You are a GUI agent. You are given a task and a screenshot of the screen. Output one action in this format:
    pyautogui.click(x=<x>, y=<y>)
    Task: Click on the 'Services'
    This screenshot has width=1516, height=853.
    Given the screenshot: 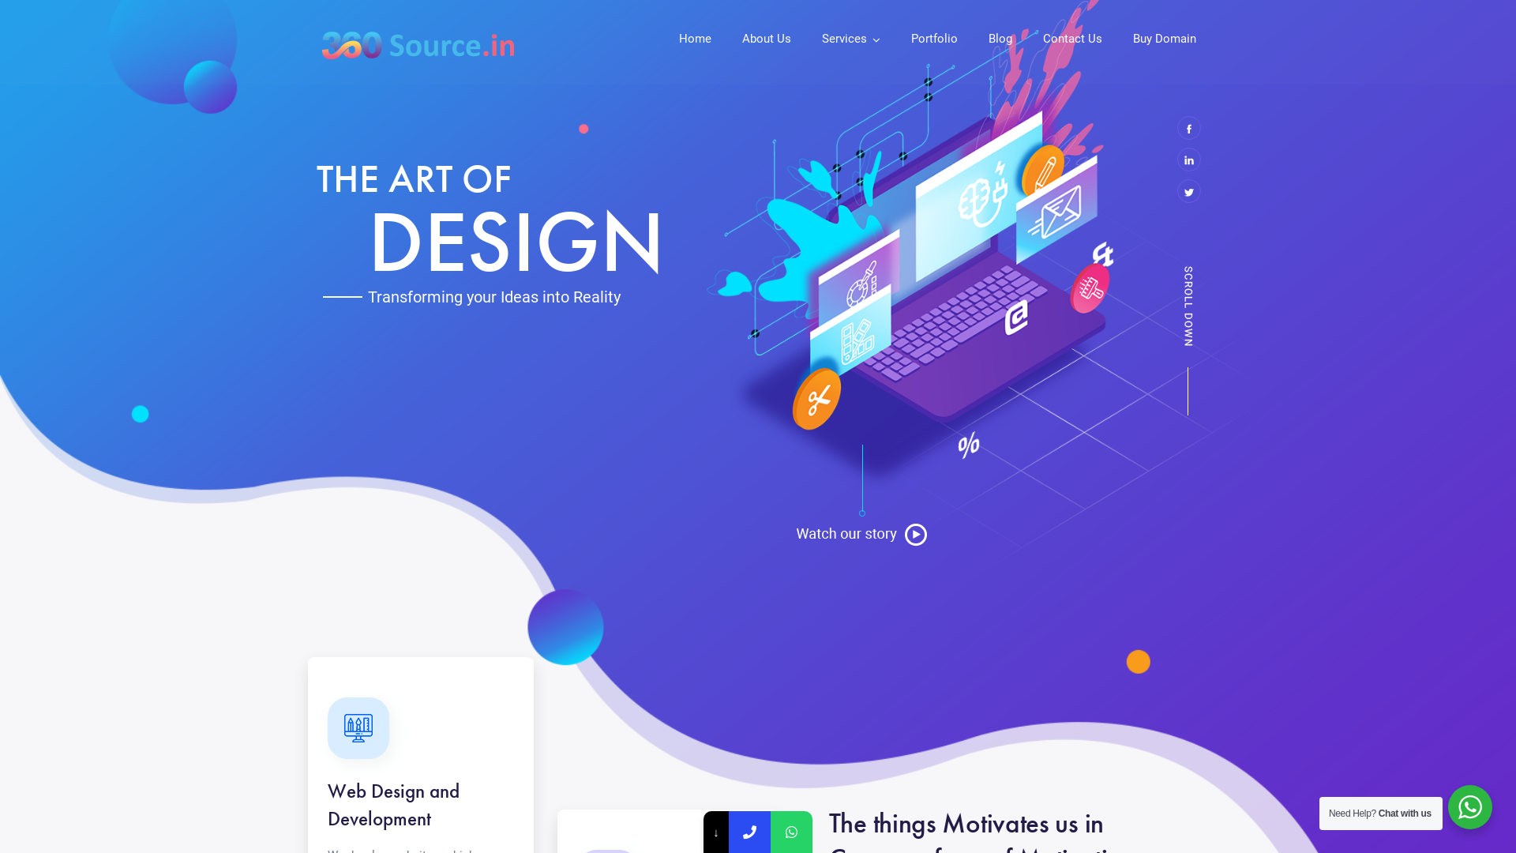 What is the action you would take?
    pyautogui.click(x=850, y=39)
    